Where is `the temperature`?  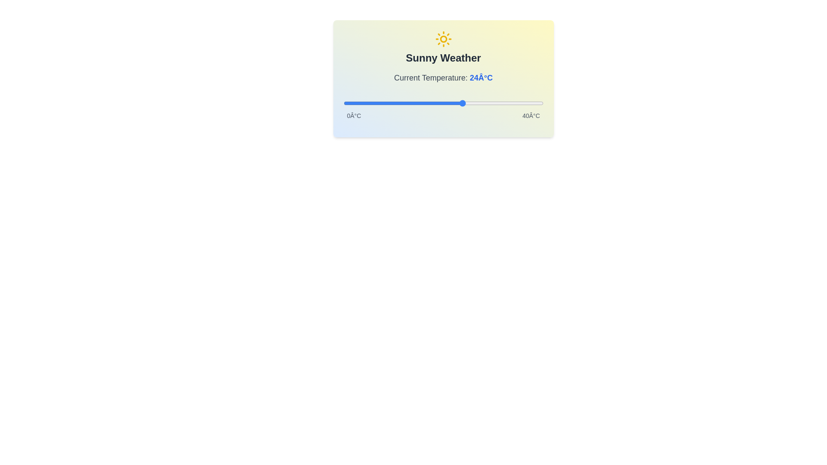 the temperature is located at coordinates (393, 102).